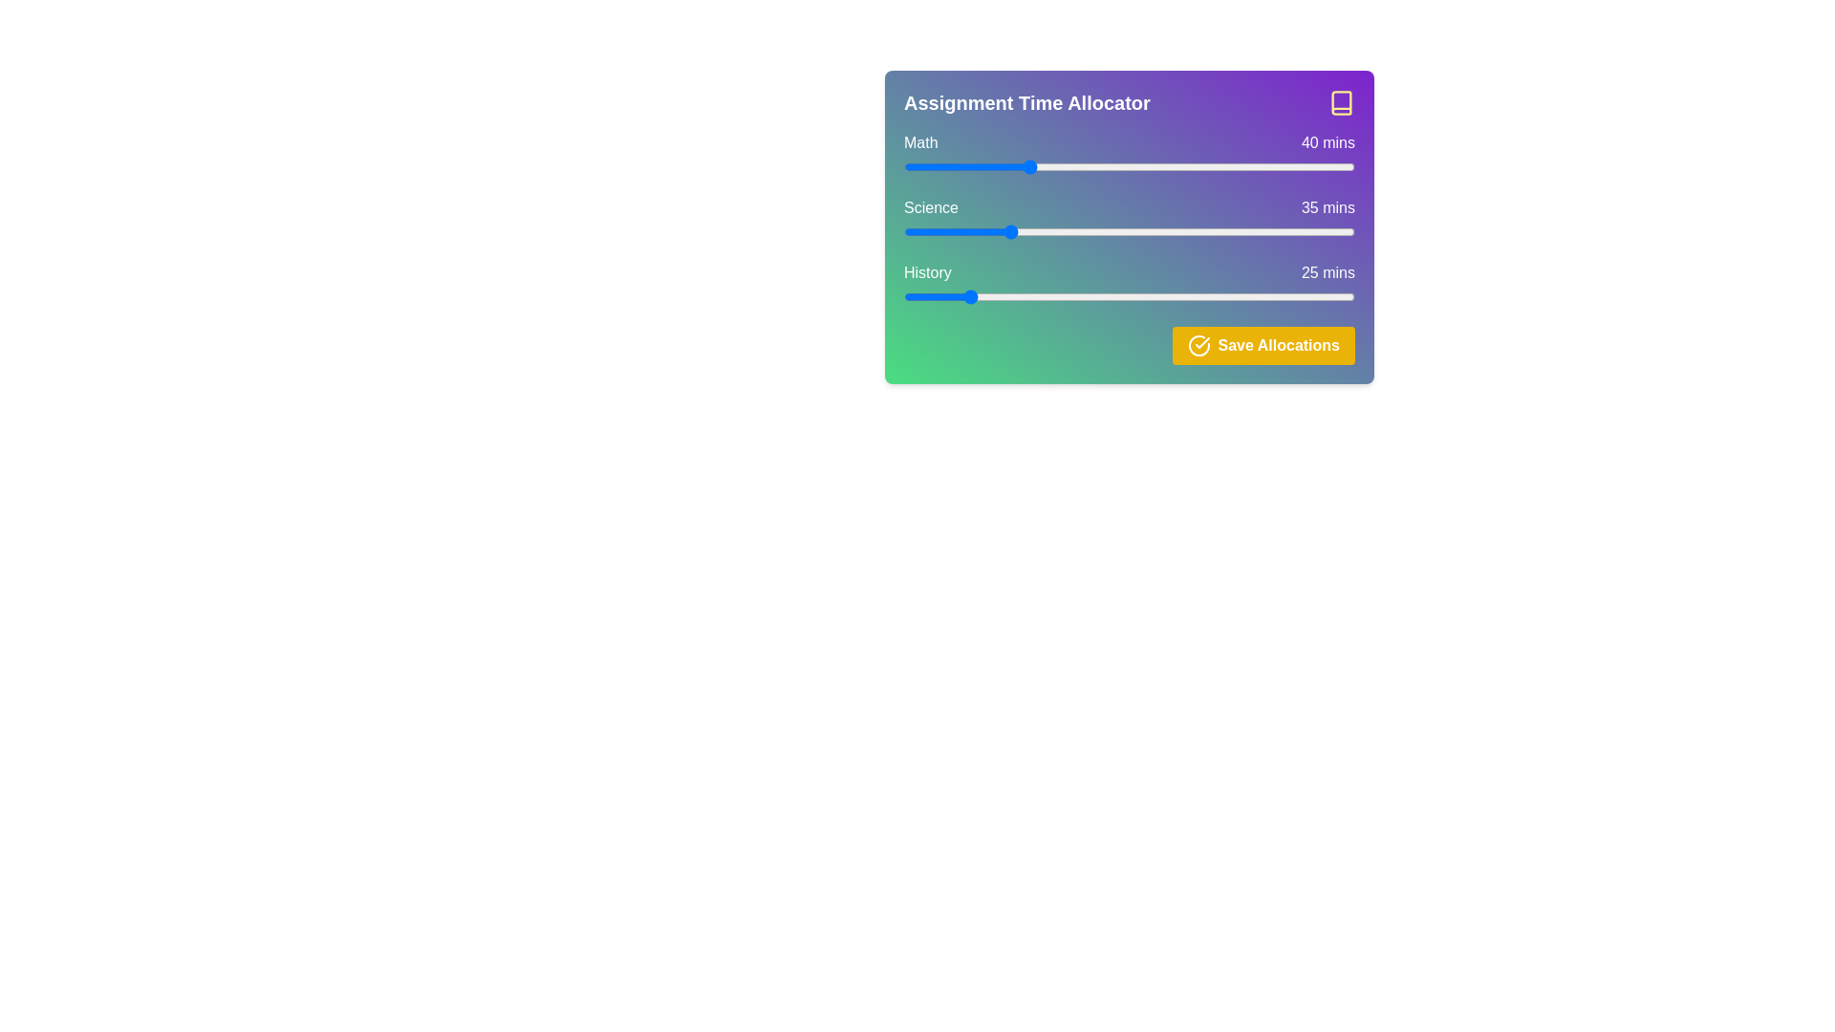  Describe the element at coordinates (1001, 231) in the screenshot. I see `time allocation for Science` at that location.